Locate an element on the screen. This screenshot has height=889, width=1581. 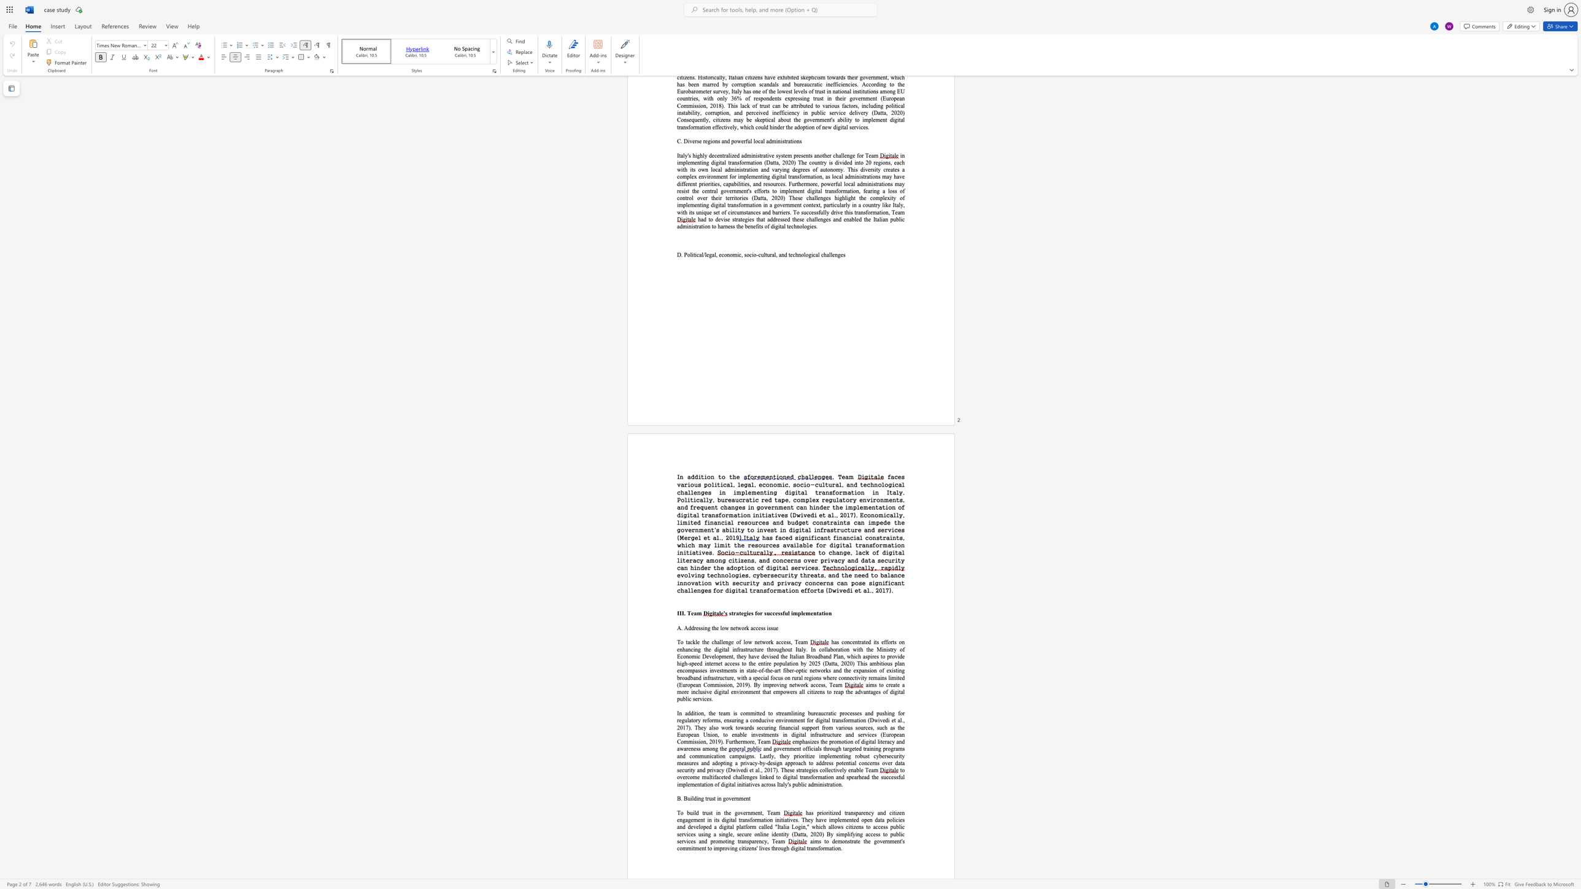
the subset text "ore," within the text "In addition, the team is committed to streamlining bureaucratic processes and pushing for regulatory reforms, ensuring a conducive environment for digital transformation (Dwivedi et al., 2017). They also work towards securing financial support from various sources, such as the European Union, to enable investments in digital infrastructure and services (European Commission, 2019). Furthermore, Team" is located at coordinates (746, 741).